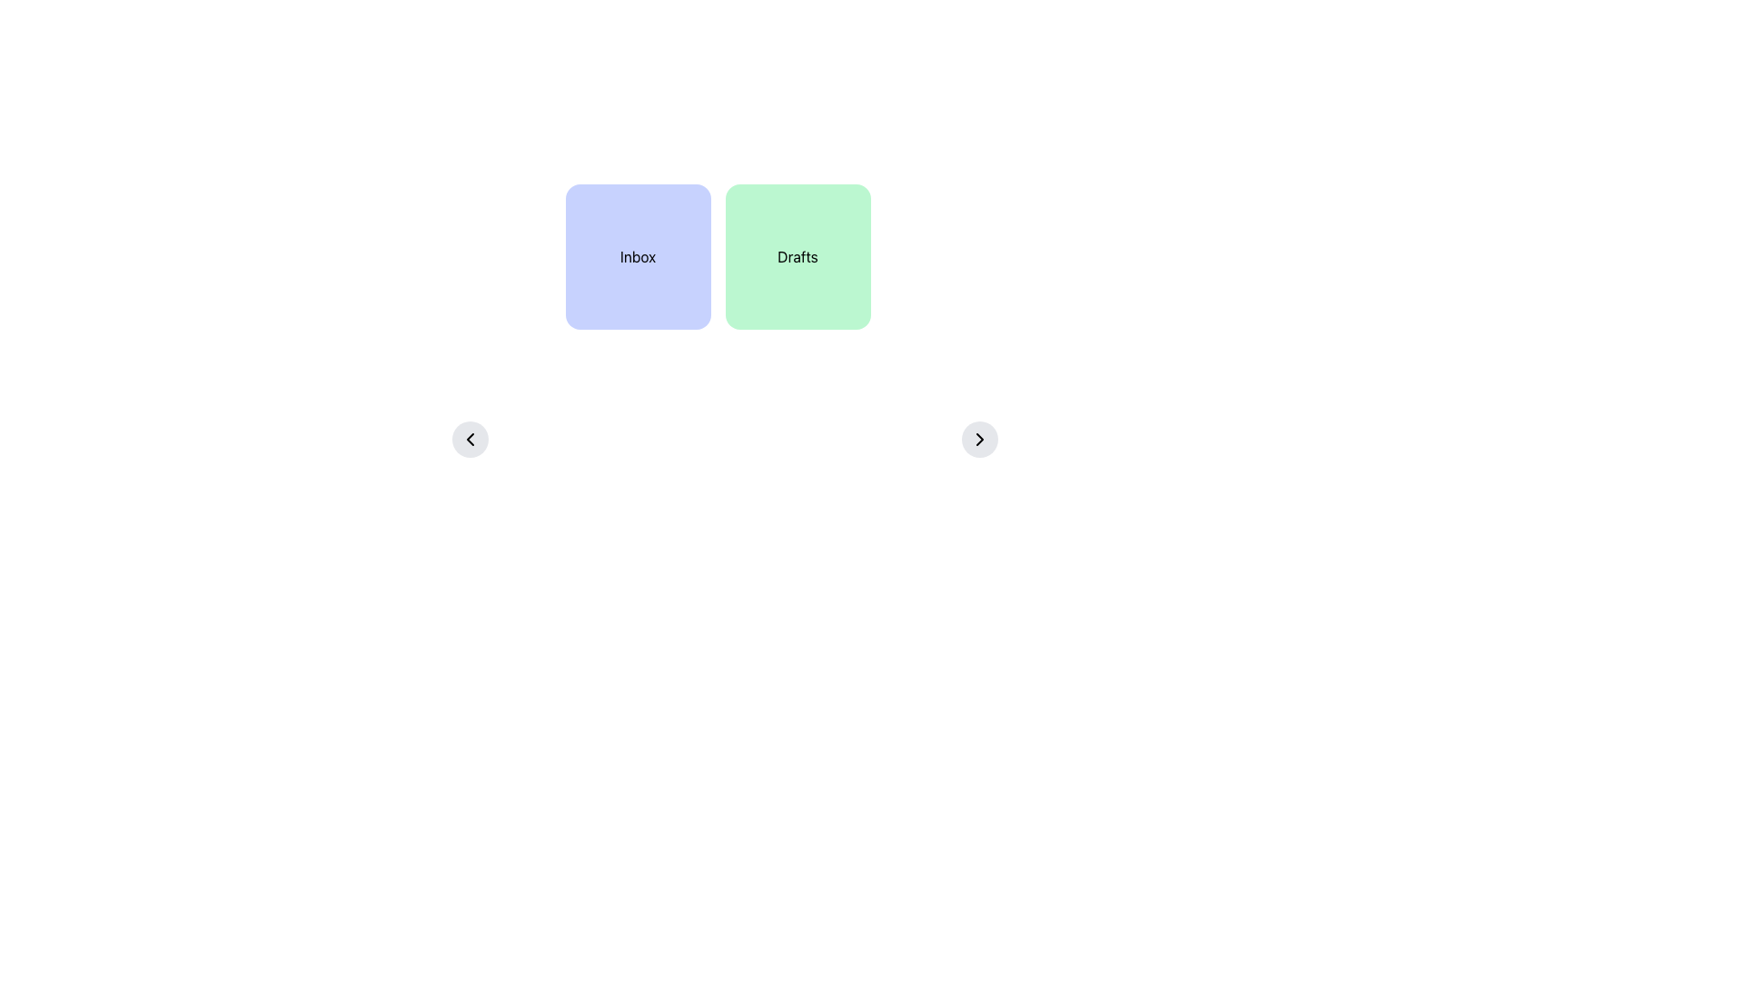 The height and width of the screenshot is (981, 1744). What do you see at coordinates (471, 439) in the screenshot?
I see `the gray circular button with a chevron icon located in the bottom left quadrant of the interface` at bounding box center [471, 439].